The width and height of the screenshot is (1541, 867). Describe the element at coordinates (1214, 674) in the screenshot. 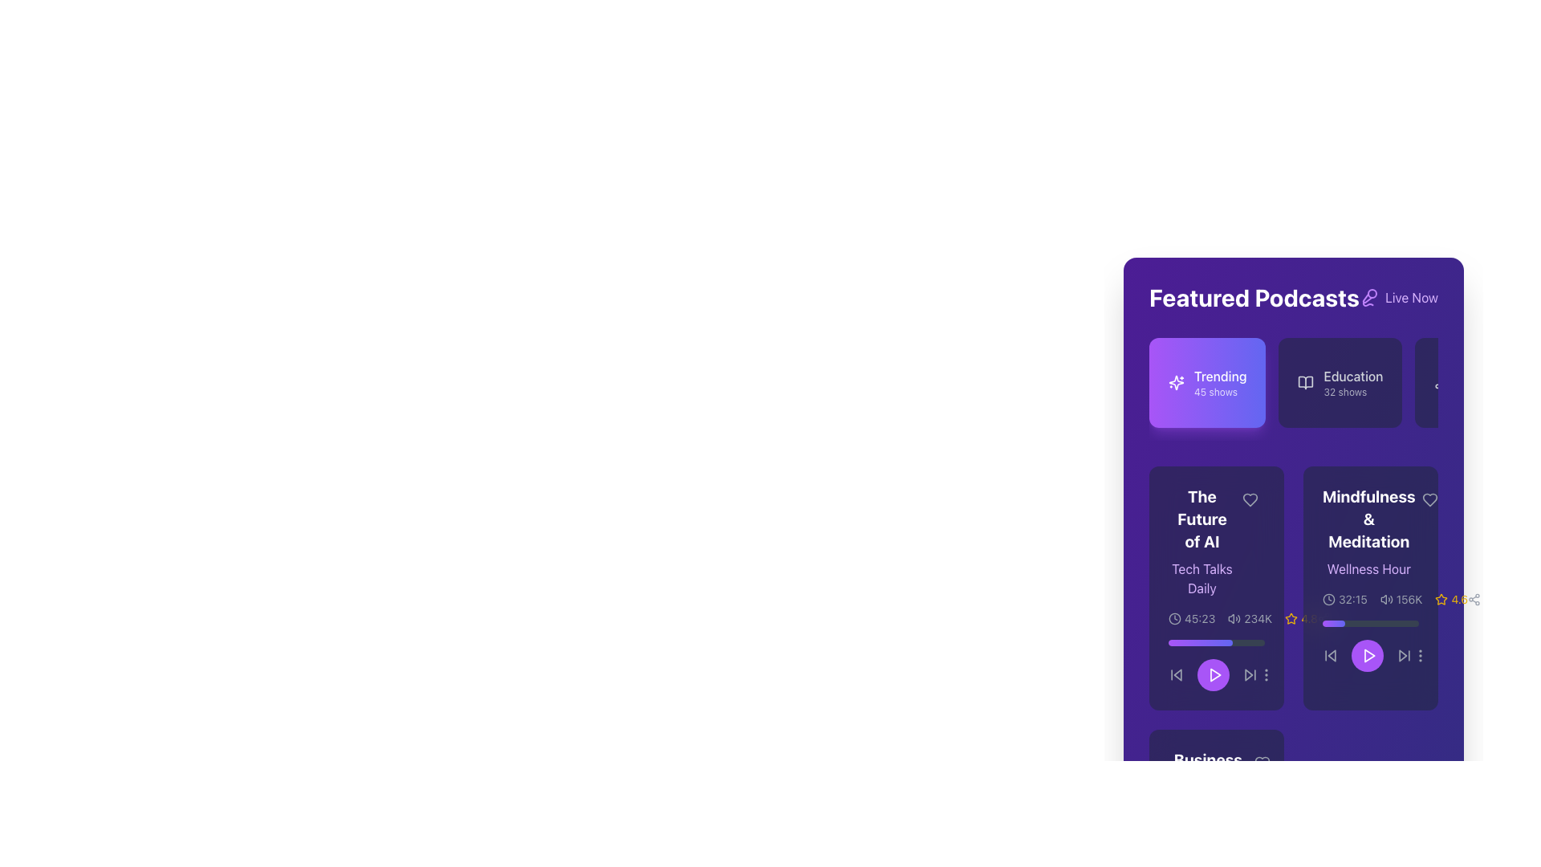

I see `the play/pause button located at the bottom of the 'The Future of AI' podcast card in the 'Featured Podcasts' section` at that location.